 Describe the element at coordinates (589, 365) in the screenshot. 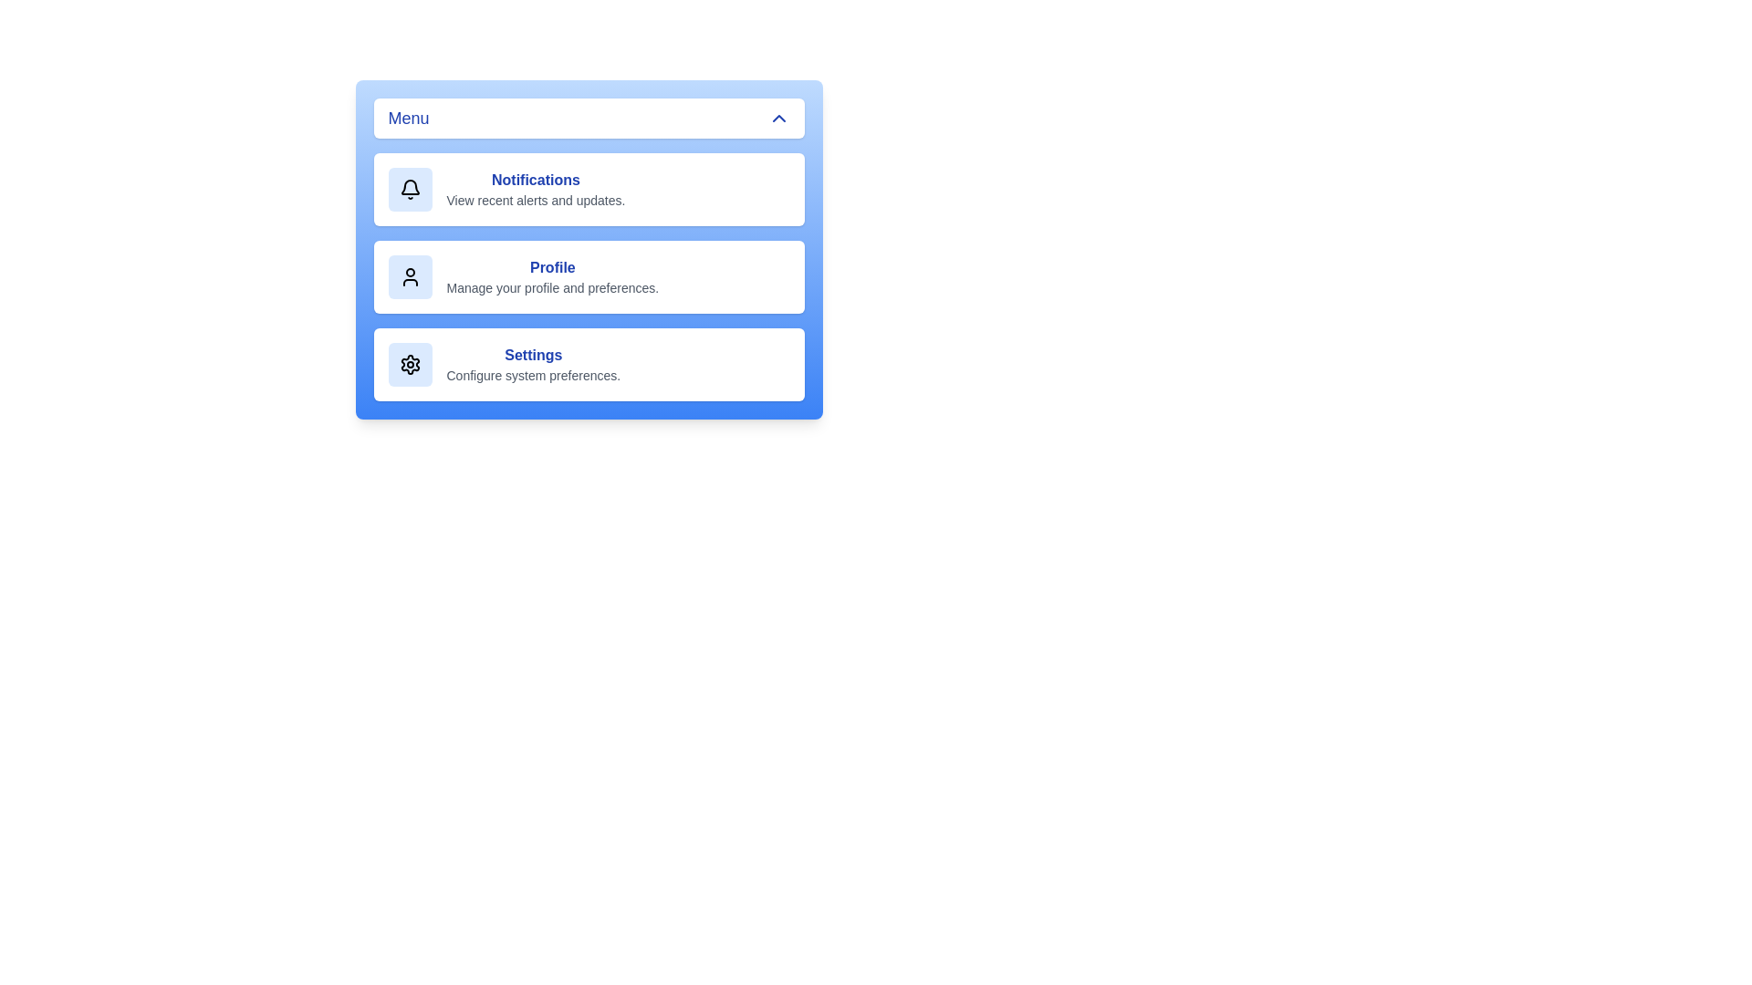

I see `the menu item Settings` at that location.